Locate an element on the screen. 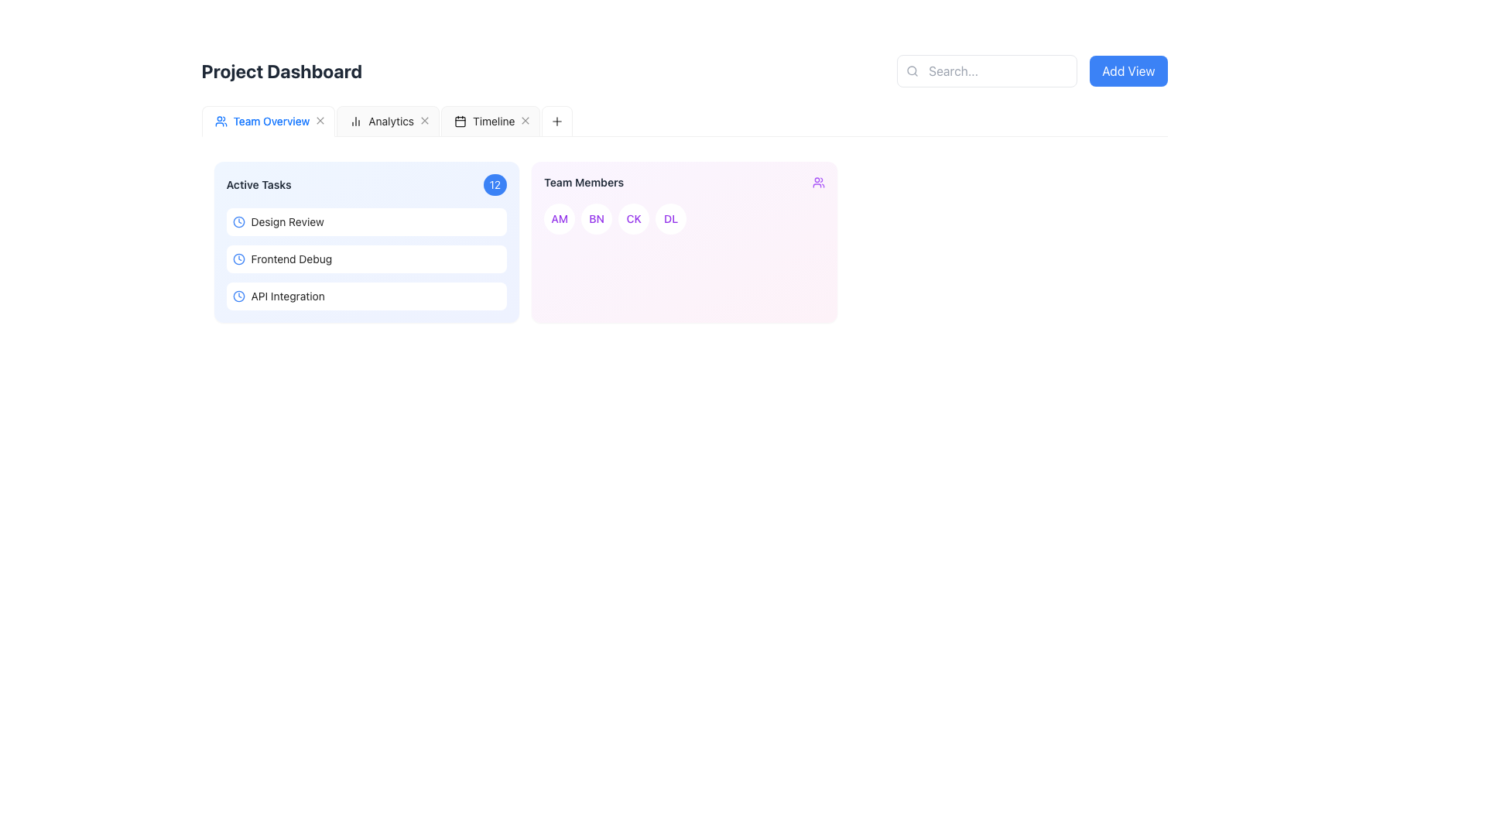  the button at the end of the tab list in the navigation bar is located at coordinates (217, 120).